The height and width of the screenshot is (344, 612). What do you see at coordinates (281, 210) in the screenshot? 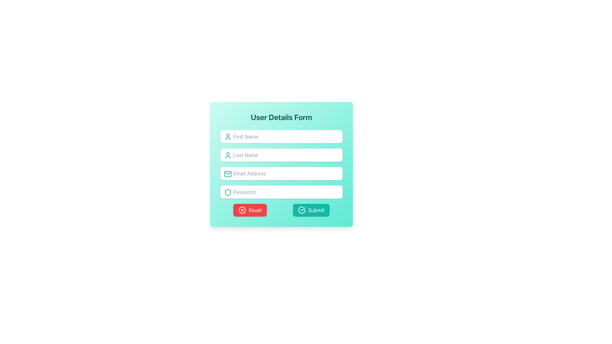
I see `the teal 'Submit' button located at the bottom of the user form interface` at bounding box center [281, 210].